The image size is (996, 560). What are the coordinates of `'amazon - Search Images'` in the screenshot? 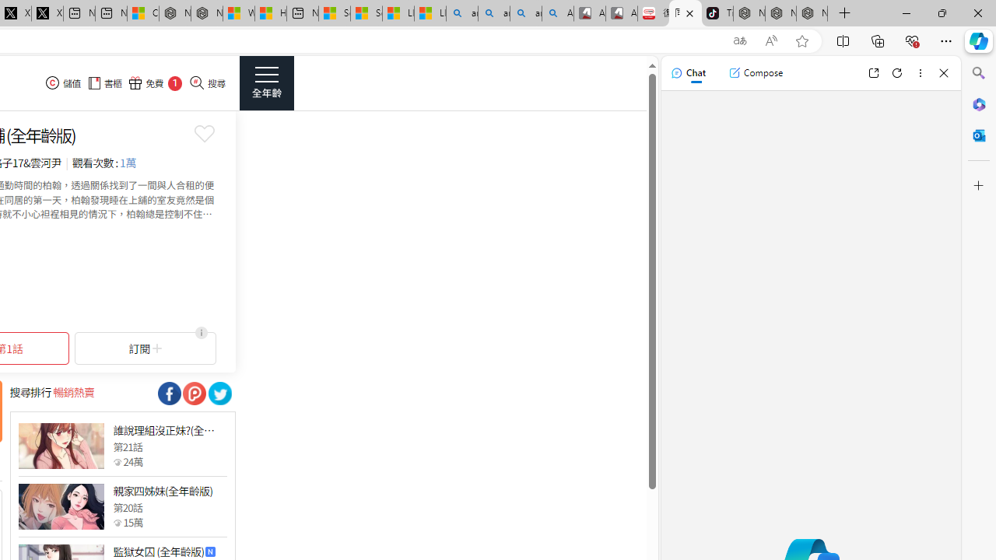 It's located at (525, 13).